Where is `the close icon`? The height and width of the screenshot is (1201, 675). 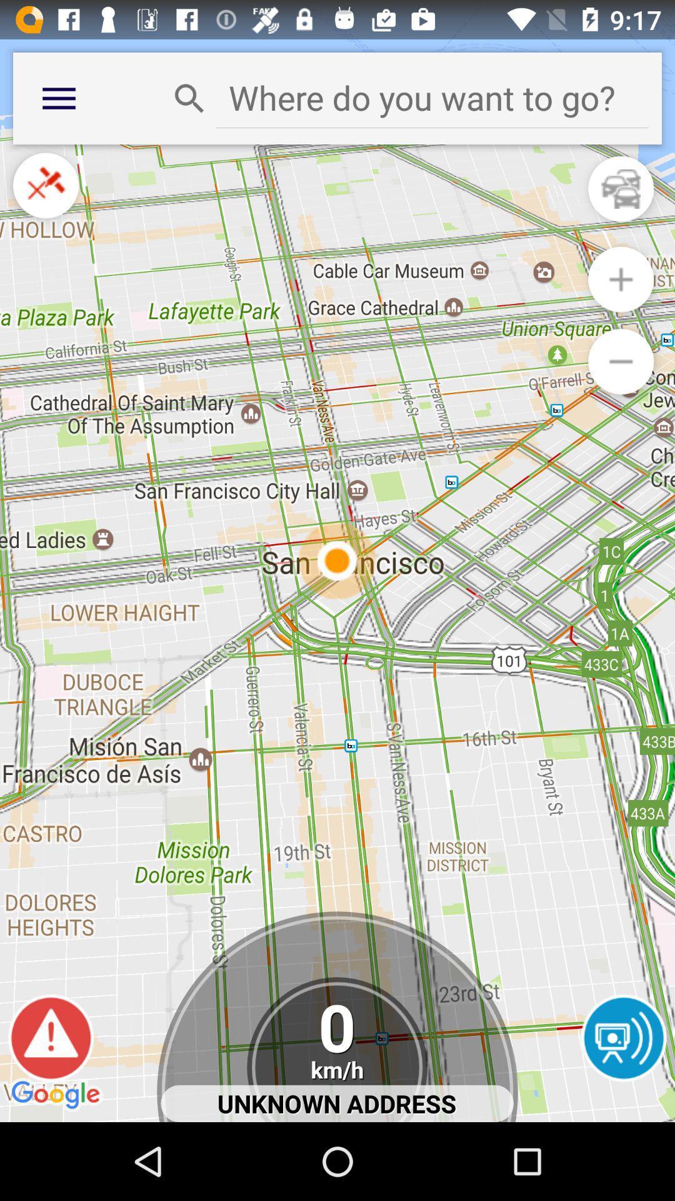
the close icon is located at coordinates (45, 198).